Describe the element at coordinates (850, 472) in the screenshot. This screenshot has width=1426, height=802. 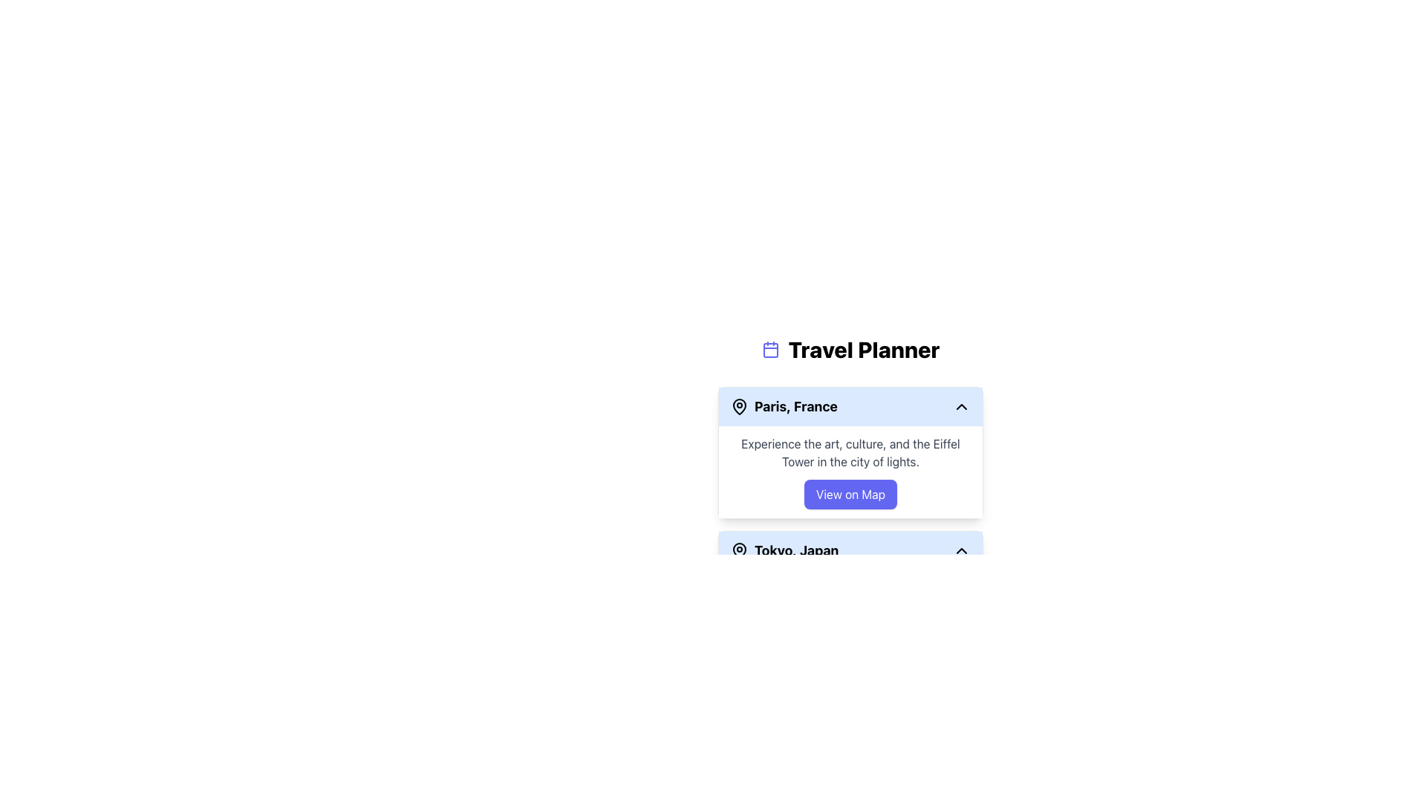
I see `the button within the informational card about the destination 'Paris, France' in the 'Travel Planner' to change its background color` at that location.